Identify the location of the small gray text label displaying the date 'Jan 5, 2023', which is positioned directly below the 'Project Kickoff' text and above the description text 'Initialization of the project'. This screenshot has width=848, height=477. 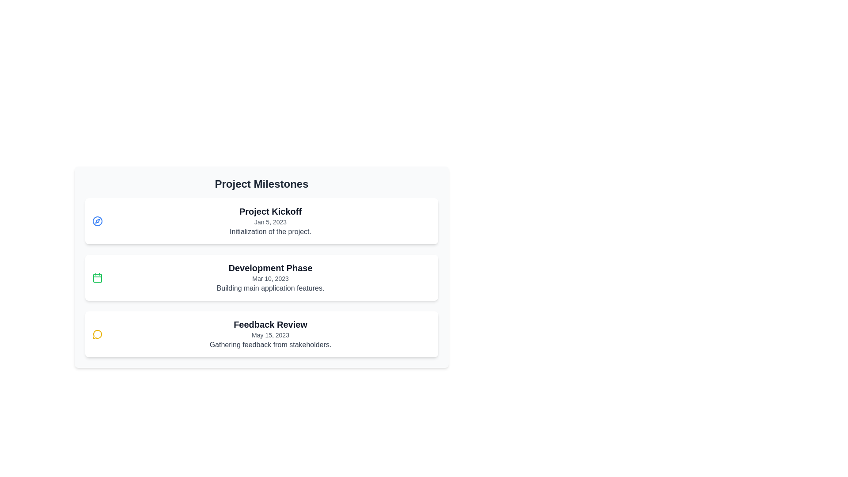
(270, 221).